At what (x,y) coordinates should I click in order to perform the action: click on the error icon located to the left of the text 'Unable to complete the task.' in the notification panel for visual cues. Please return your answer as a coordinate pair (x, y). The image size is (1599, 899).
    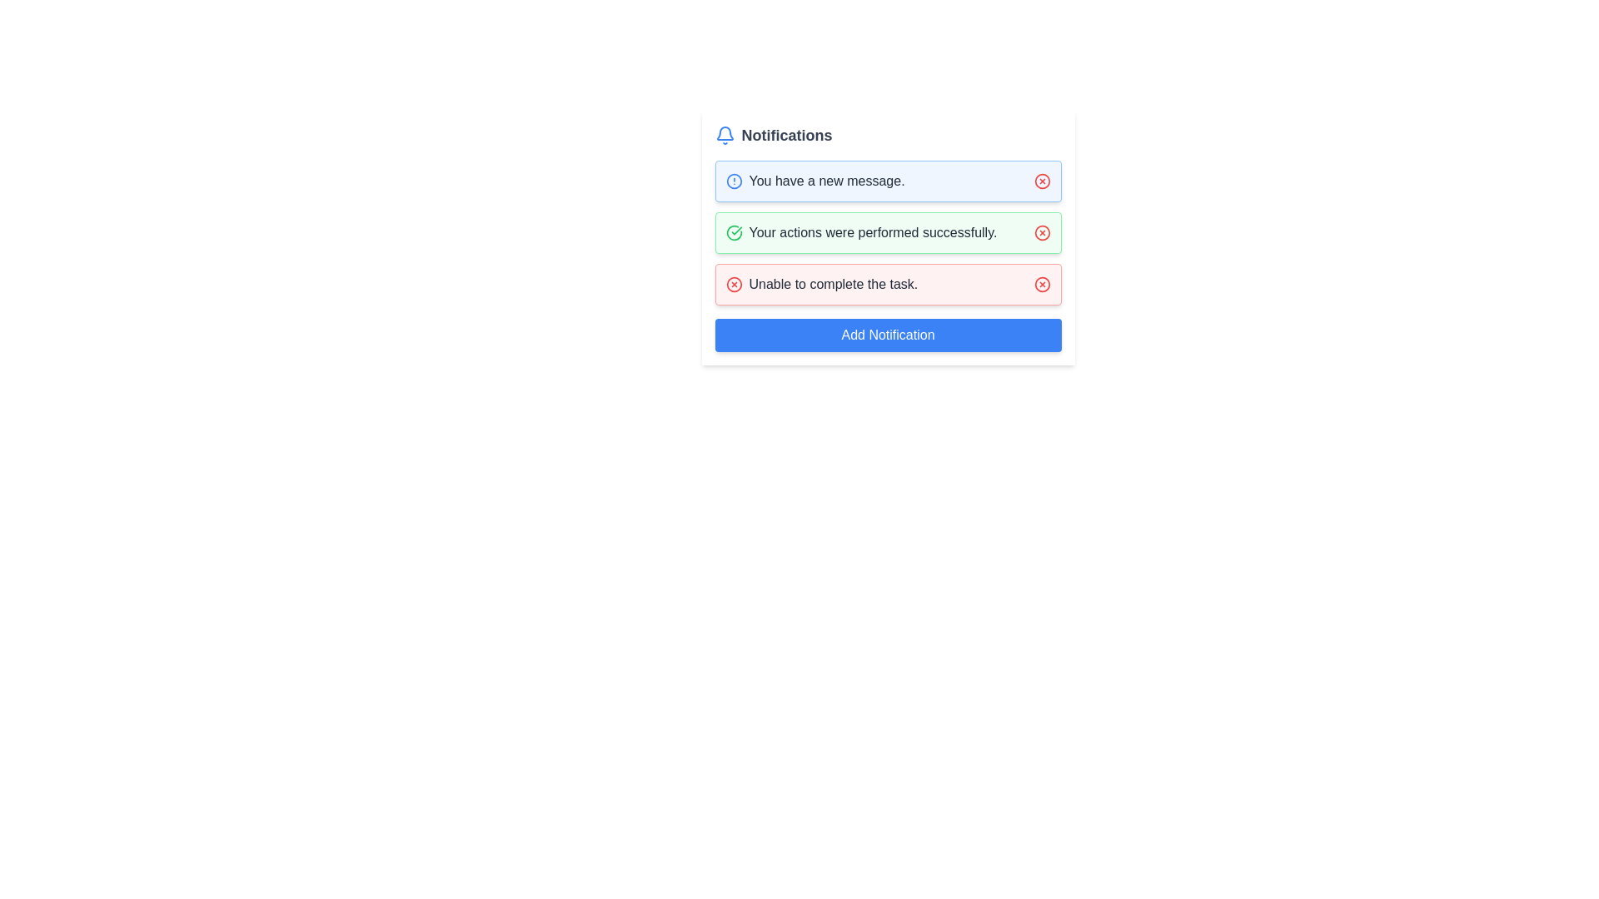
    Looking at the image, I should click on (733, 284).